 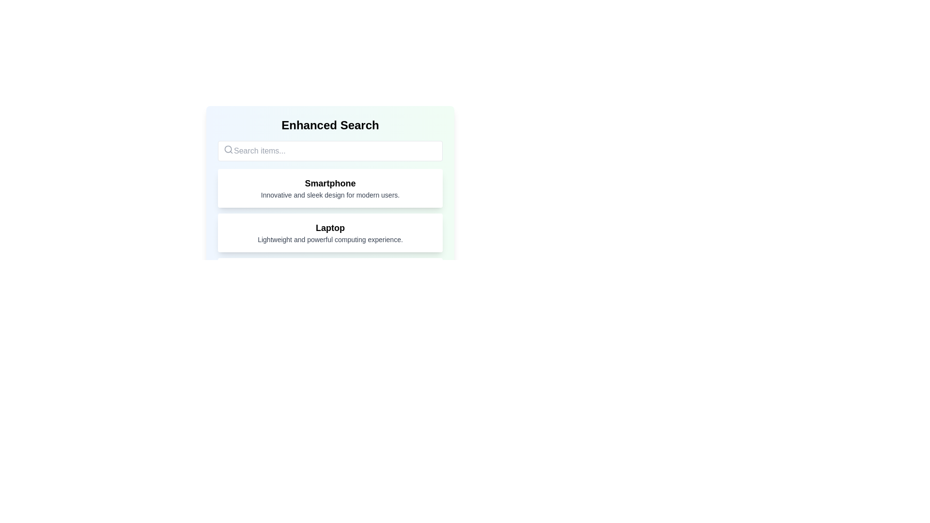 What do you see at coordinates (330, 188) in the screenshot?
I see `the first item card` at bounding box center [330, 188].